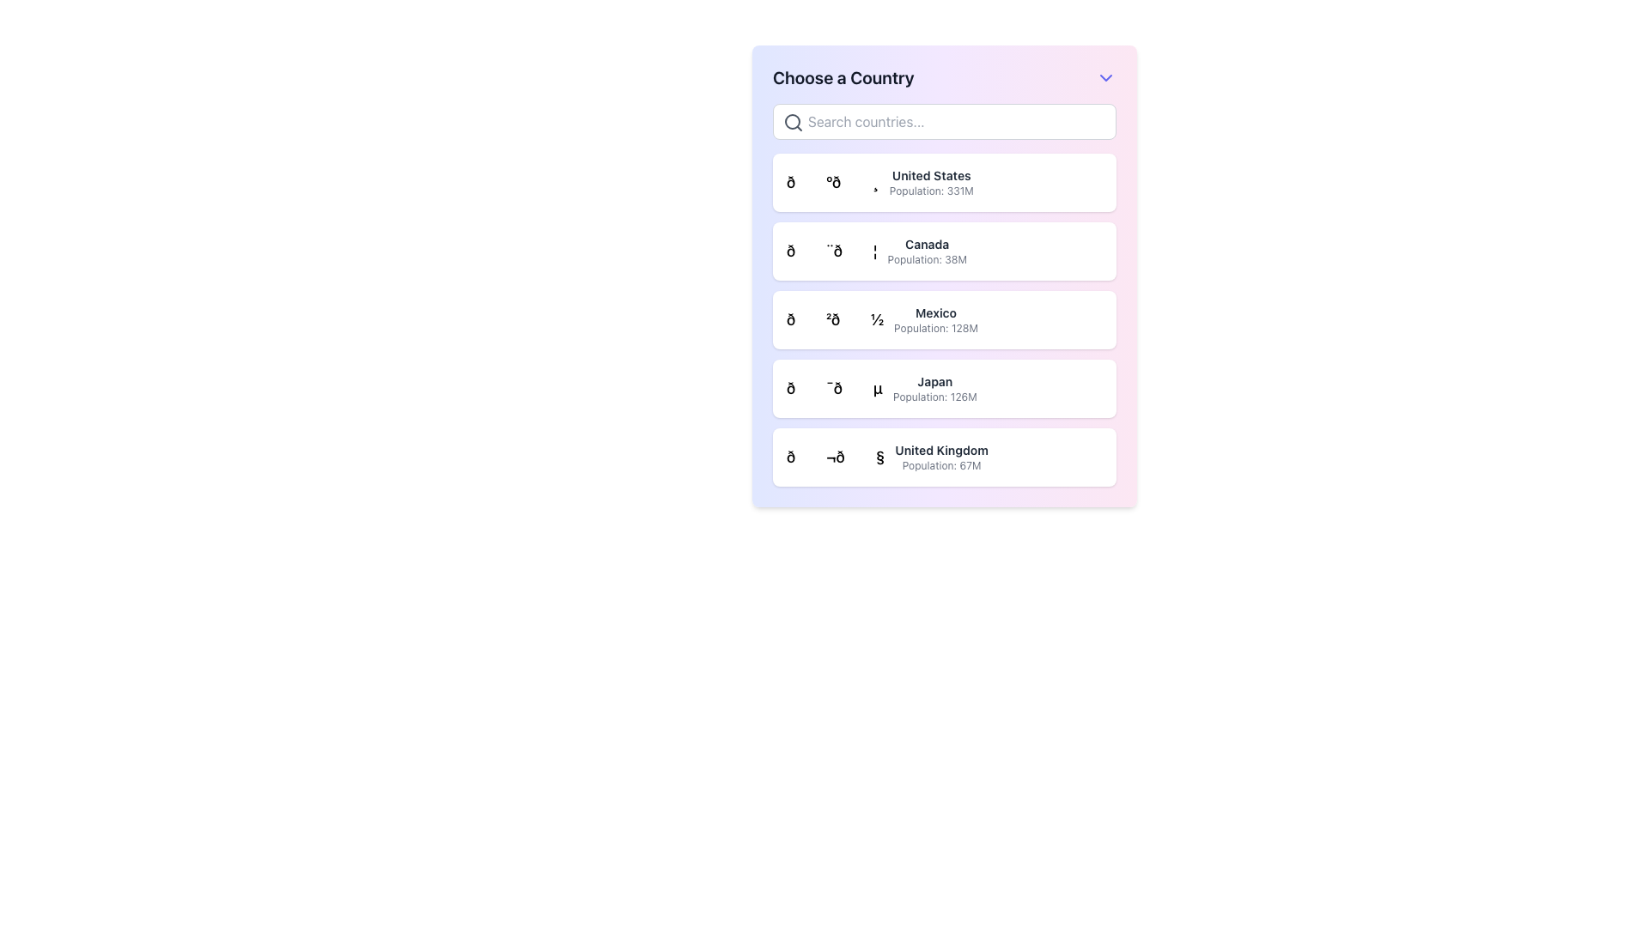 Image resolution: width=1649 pixels, height=927 pixels. Describe the element at coordinates (940, 449) in the screenshot. I see `the Text Label element displaying 'United Kingdom', which is a two-line label located above the 'Population: 67M' text` at that location.